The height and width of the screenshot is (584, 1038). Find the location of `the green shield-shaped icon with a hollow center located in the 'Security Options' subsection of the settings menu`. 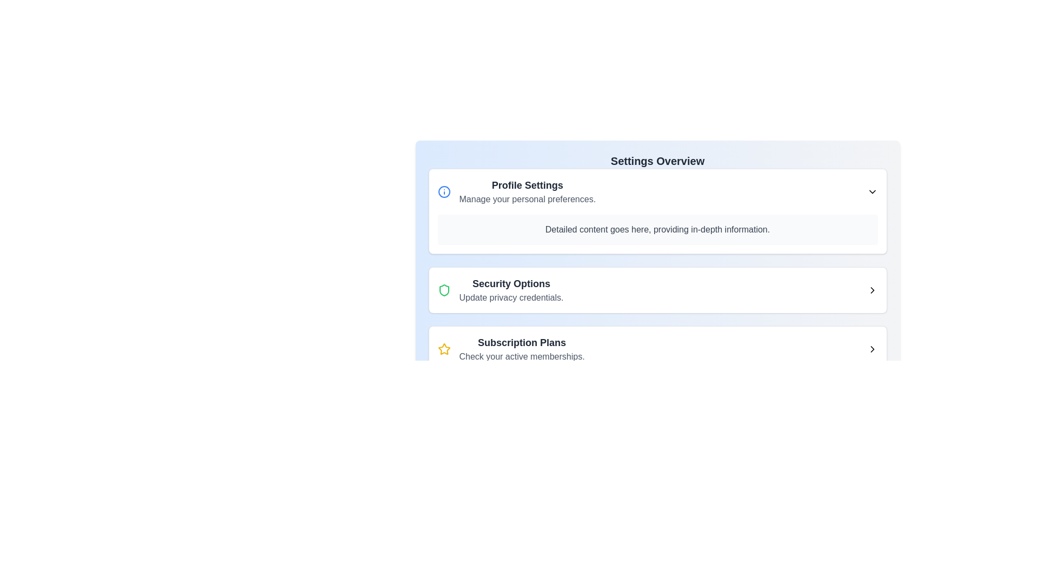

the green shield-shaped icon with a hollow center located in the 'Security Options' subsection of the settings menu is located at coordinates (444, 289).